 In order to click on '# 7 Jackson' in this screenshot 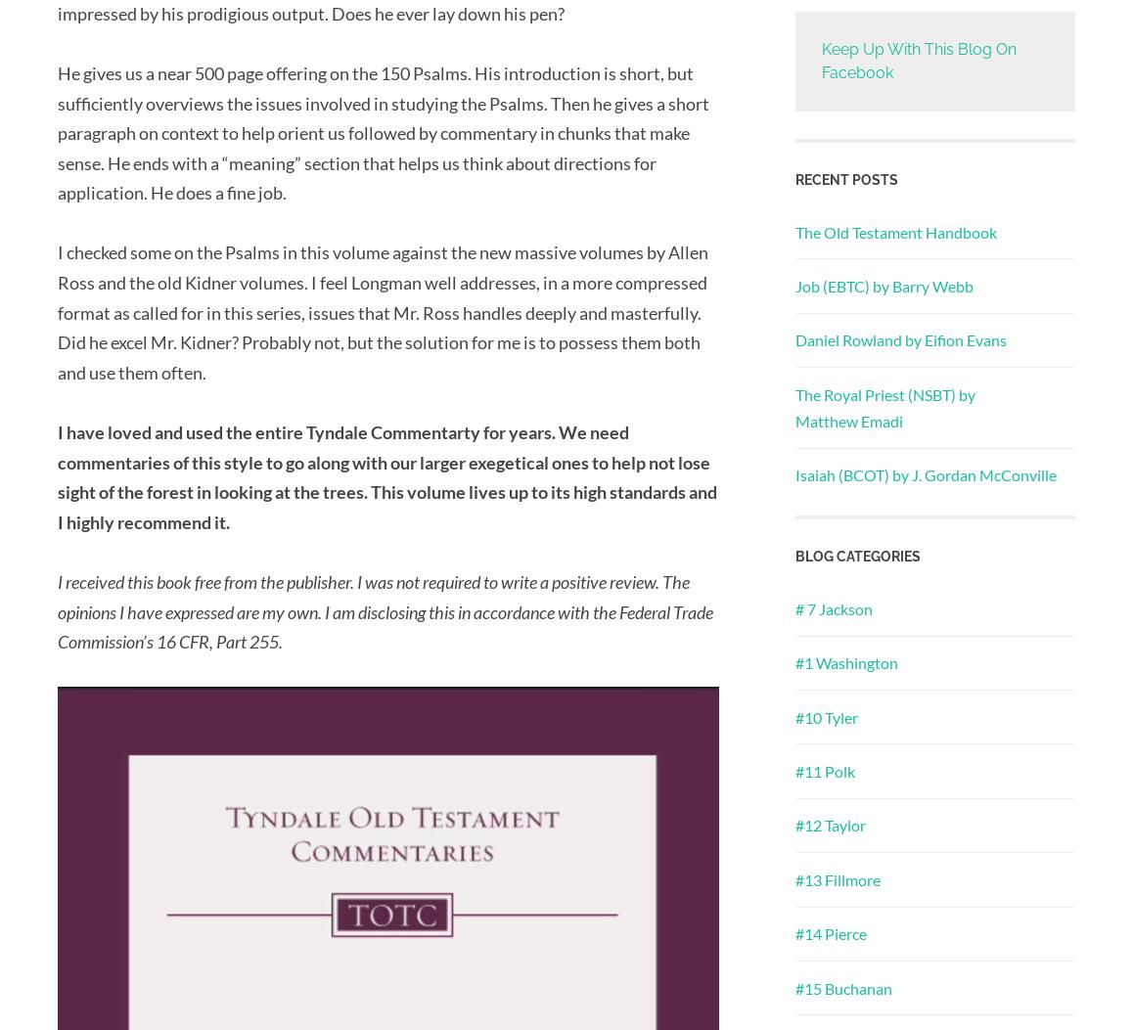, I will do `click(833, 607)`.